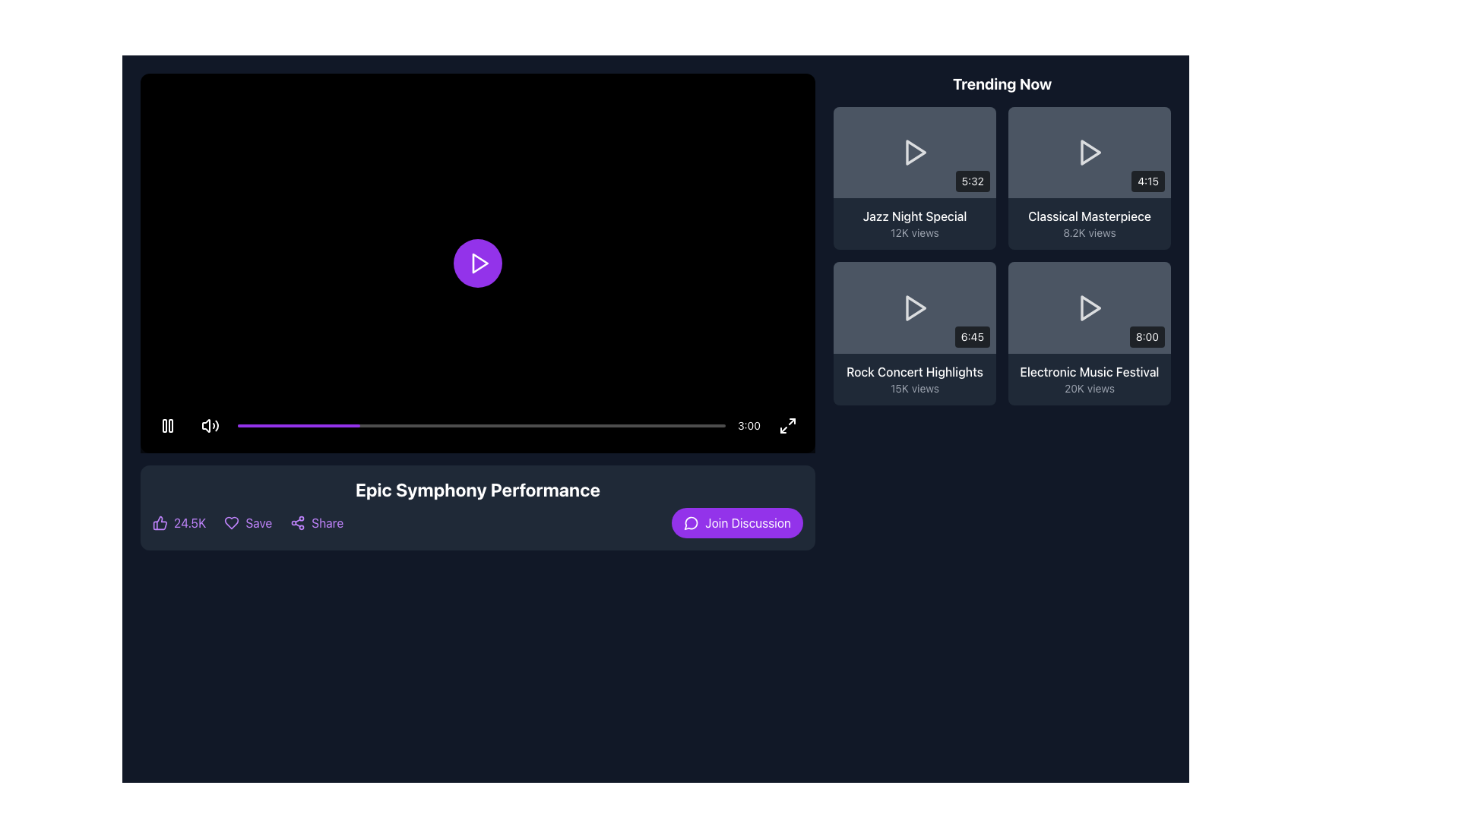  Describe the element at coordinates (248, 522) in the screenshot. I see `the save button located centrally among a horizontal row of action buttons beneath the video player, specifically the second button between the '24.5K likes' and 'Share' buttons` at that location.